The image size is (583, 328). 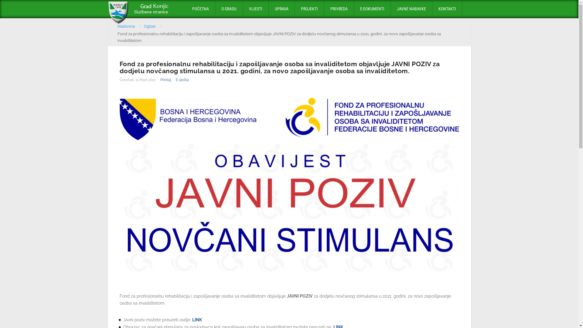 I want to click on 'LINK', so click(x=197, y=319).